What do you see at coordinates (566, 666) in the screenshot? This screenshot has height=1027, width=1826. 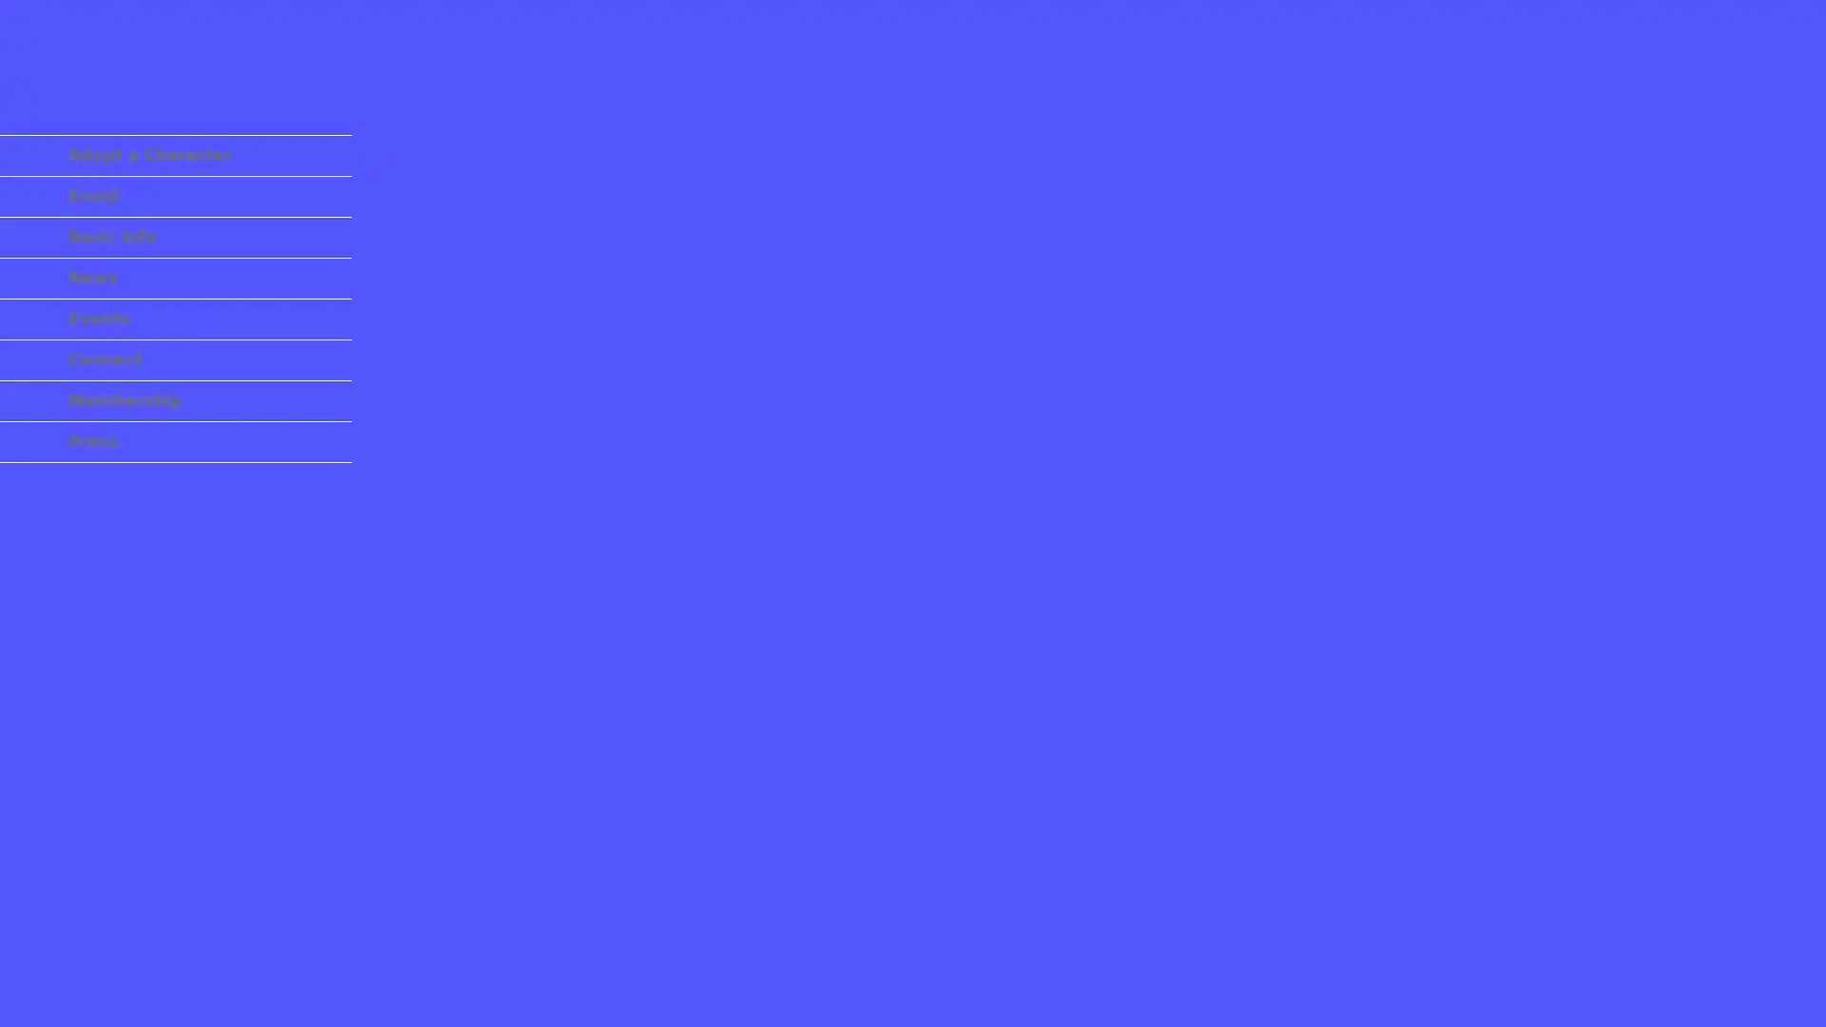 I see `_ U+FE34` at bounding box center [566, 666].